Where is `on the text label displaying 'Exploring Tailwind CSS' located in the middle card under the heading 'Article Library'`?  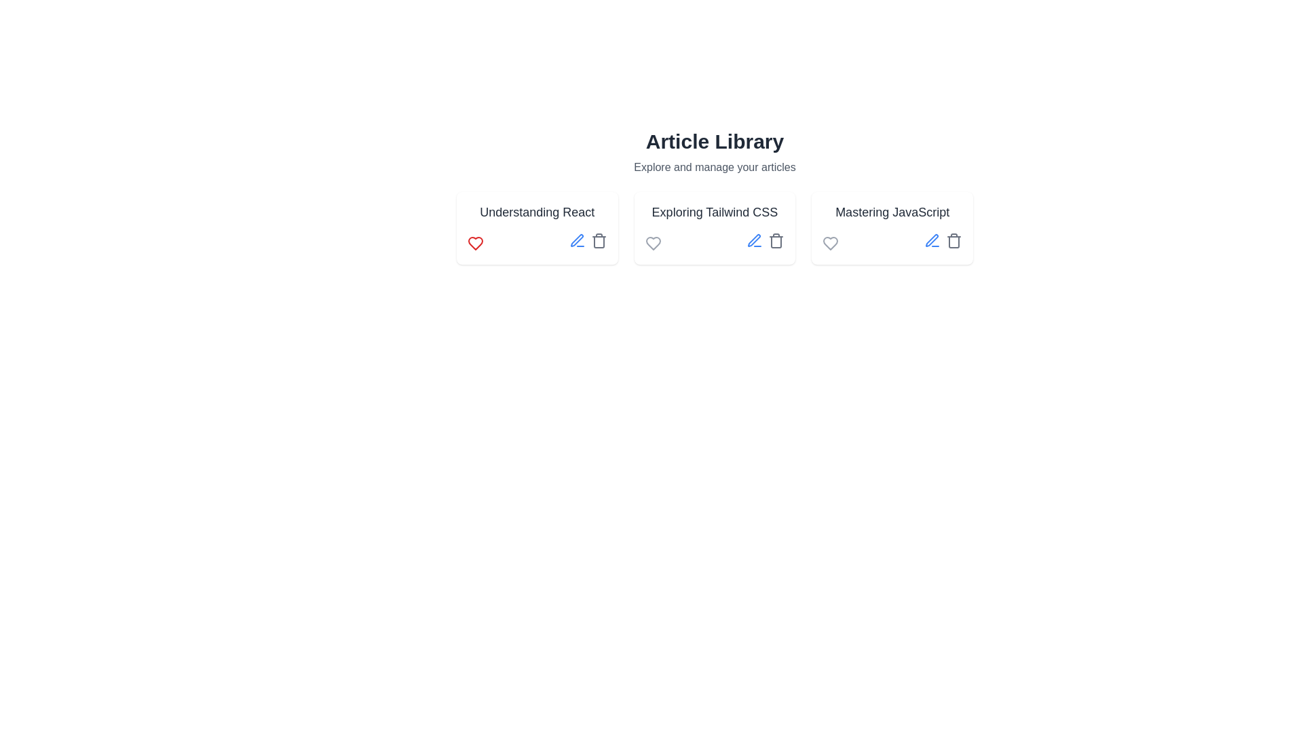
on the text label displaying 'Exploring Tailwind CSS' located in the middle card under the heading 'Article Library' is located at coordinates (714, 212).